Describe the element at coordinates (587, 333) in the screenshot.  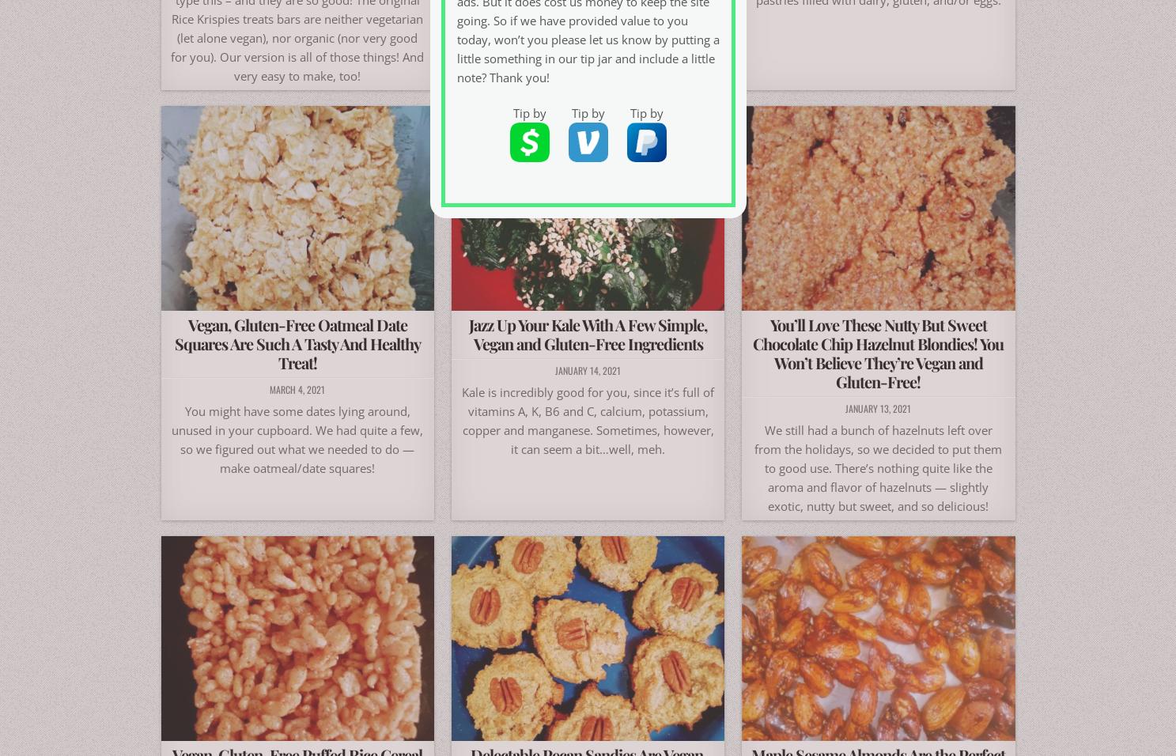
I see `'Jazz Up Your Kale With A Few Simple, Vegan and Gluten-Free Ingredients'` at that location.